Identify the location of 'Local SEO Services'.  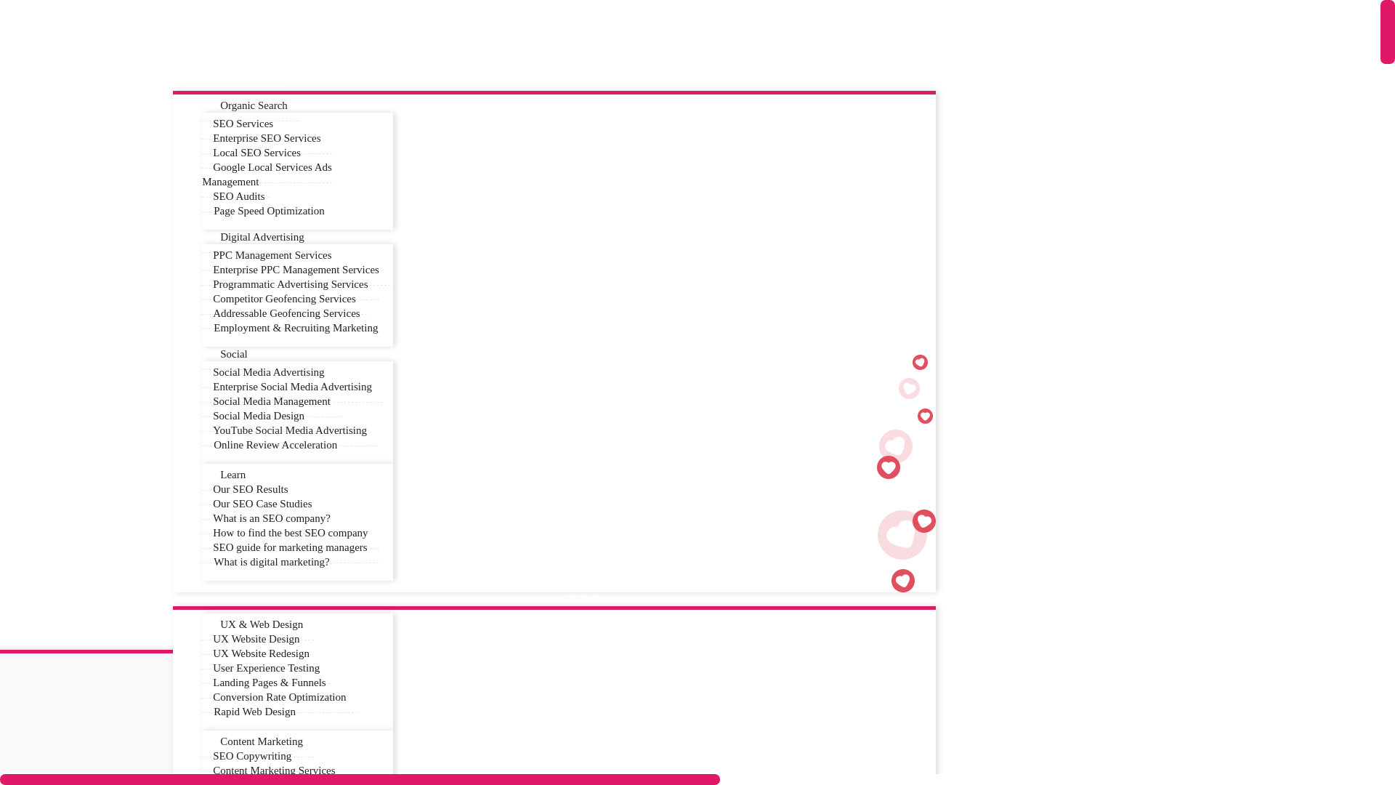
(256, 153).